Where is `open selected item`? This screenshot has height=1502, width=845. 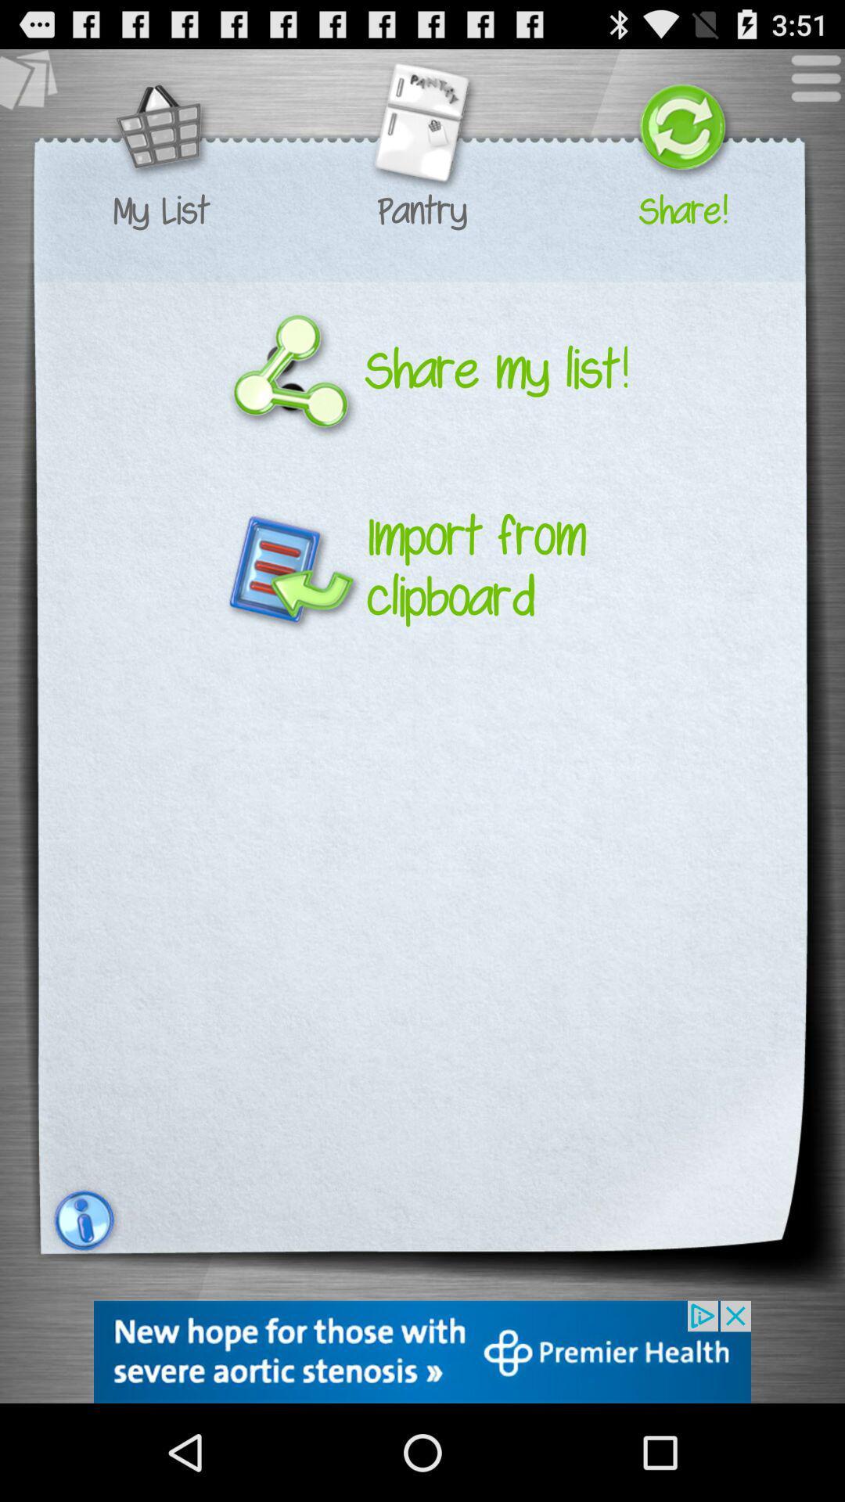 open selected item is located at coordinates (421, 129).